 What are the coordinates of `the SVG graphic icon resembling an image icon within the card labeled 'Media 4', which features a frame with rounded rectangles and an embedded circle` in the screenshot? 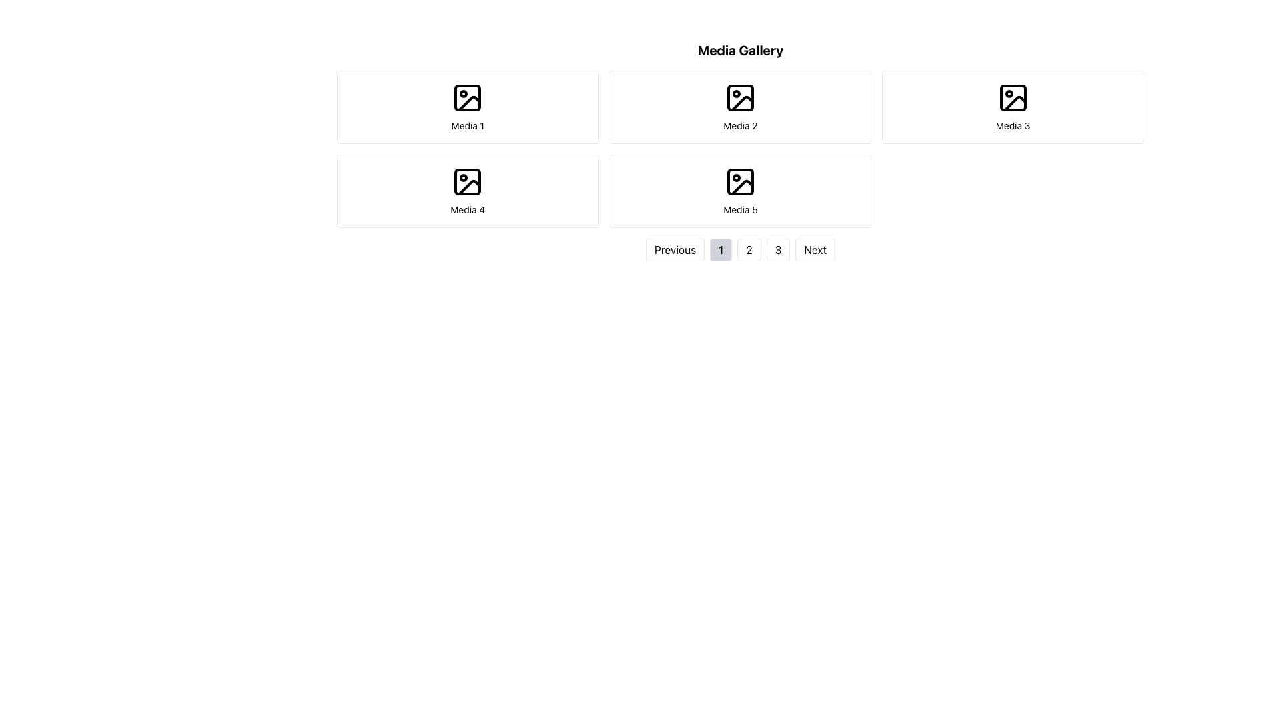 It's located at (468, 182).